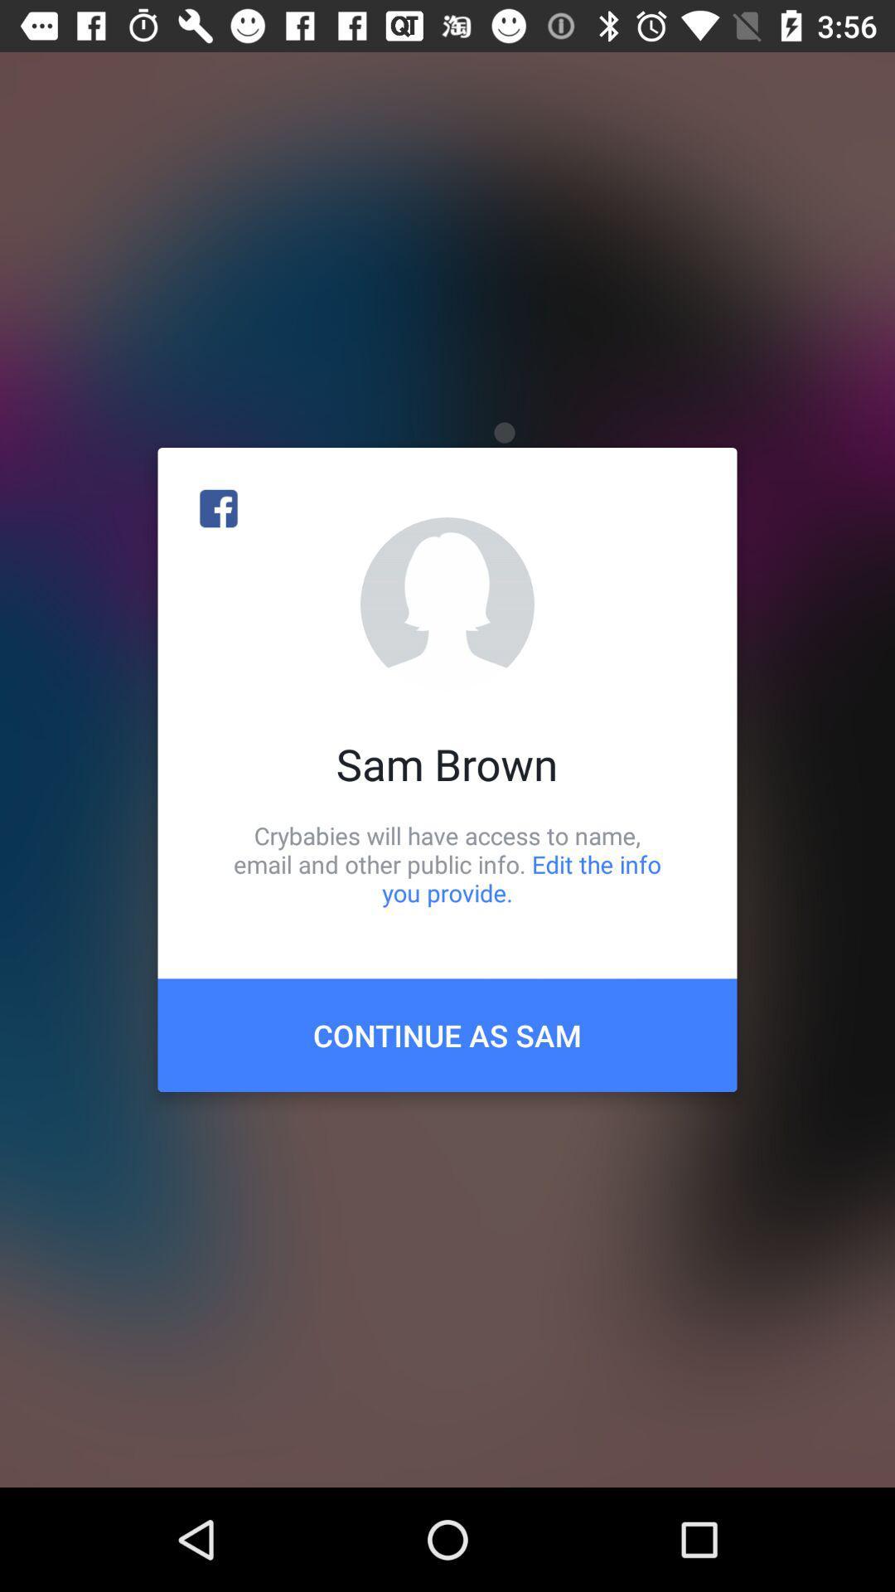 The width and height of the screenshot is (895, 1592). I want to click on crybabies will have, so click(447, 863).